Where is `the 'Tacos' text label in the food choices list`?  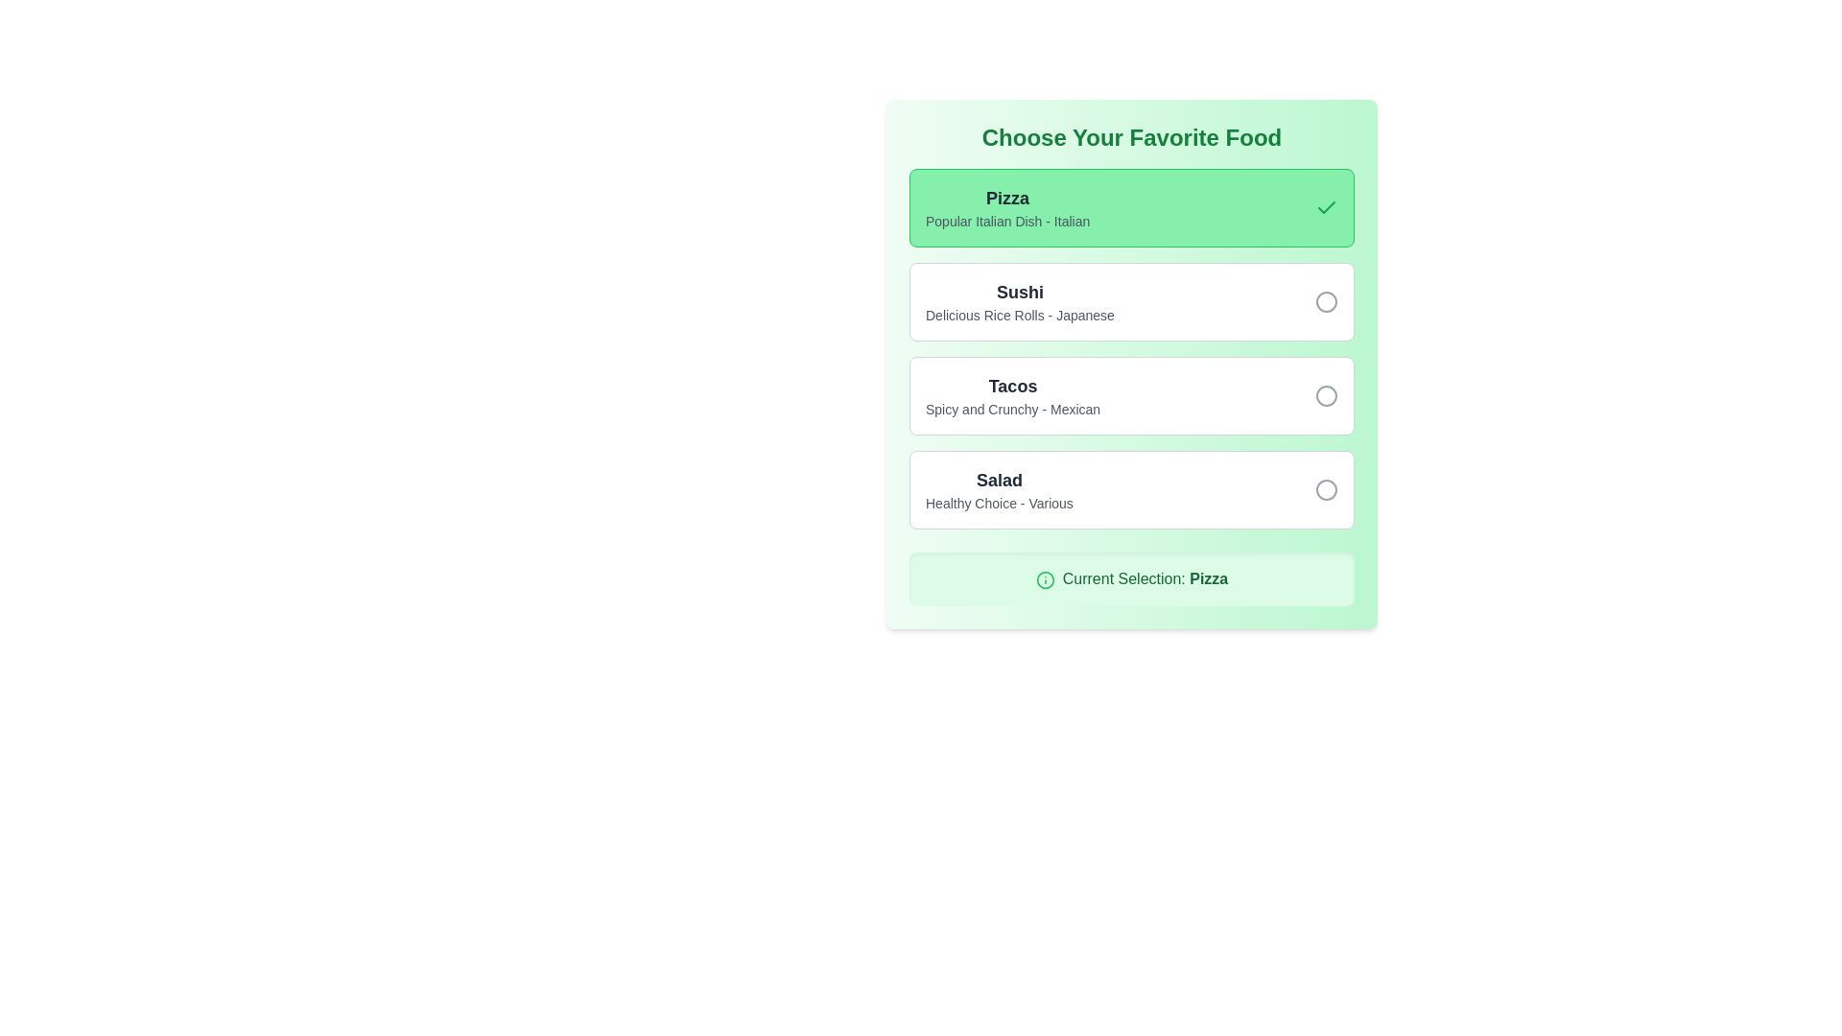 the 'Tacos' text label in the food choices list is located at coordinates (1012, 394).